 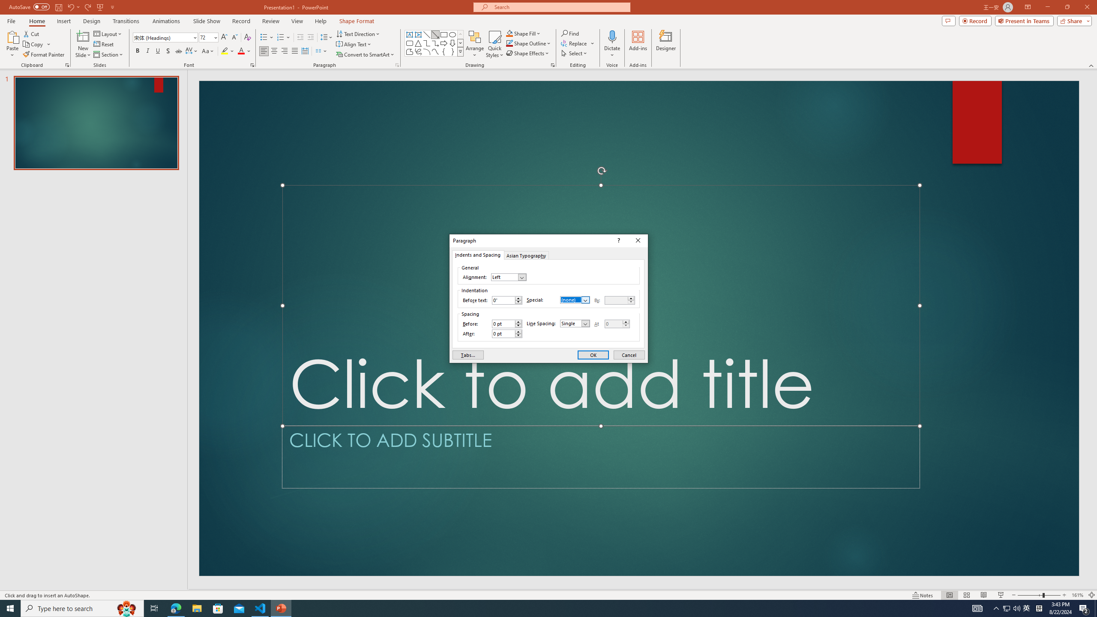 What do you see at coordinates (426, 51) in the screenshot?
I see `'Arc'` at bounding box center [426, 51].